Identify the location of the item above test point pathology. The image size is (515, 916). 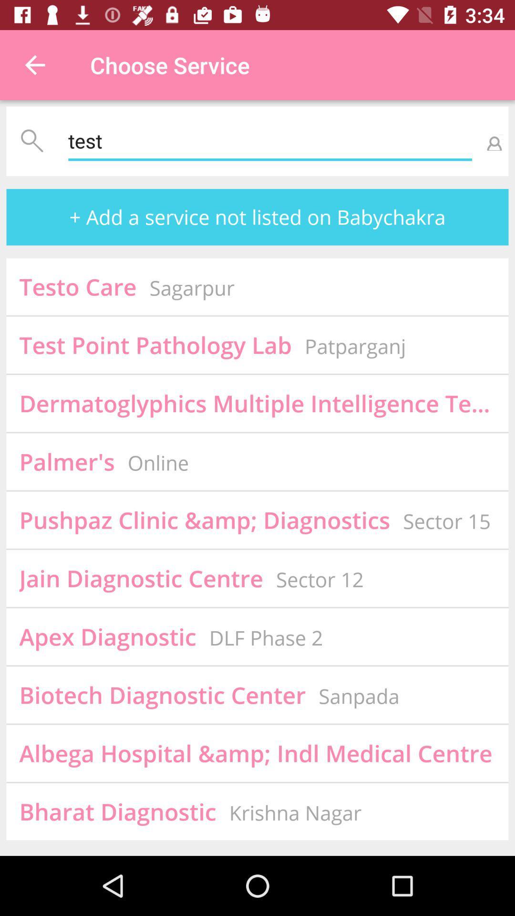
(192, 287).